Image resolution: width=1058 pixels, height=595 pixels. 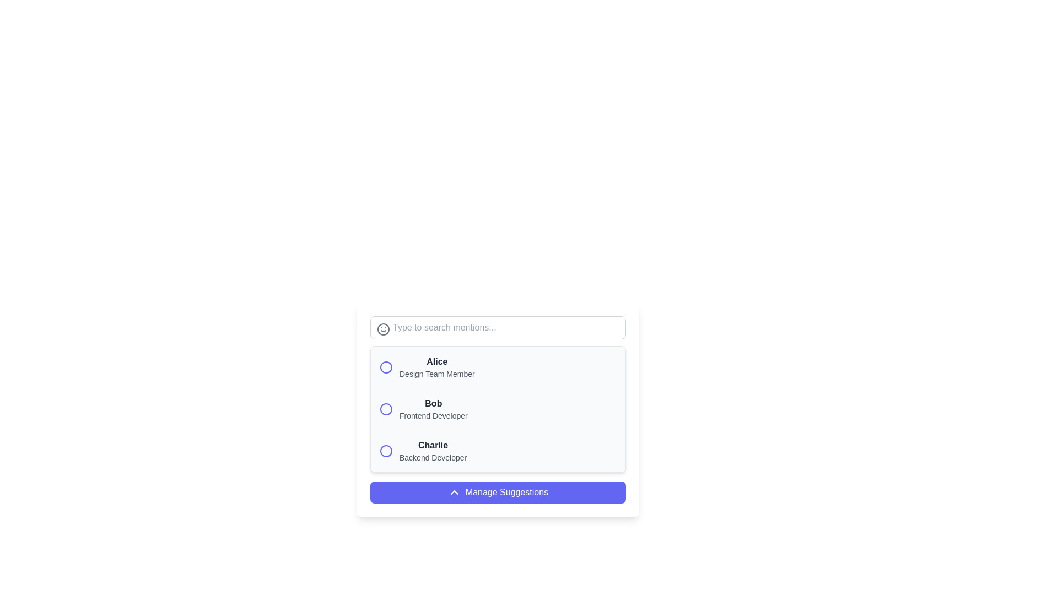 What do you see at coordinates (497, 367) in the screenshot?
I see `the first selectable list item that allows the user to select 'Alice' from the list` at bounding box center [497, 367].